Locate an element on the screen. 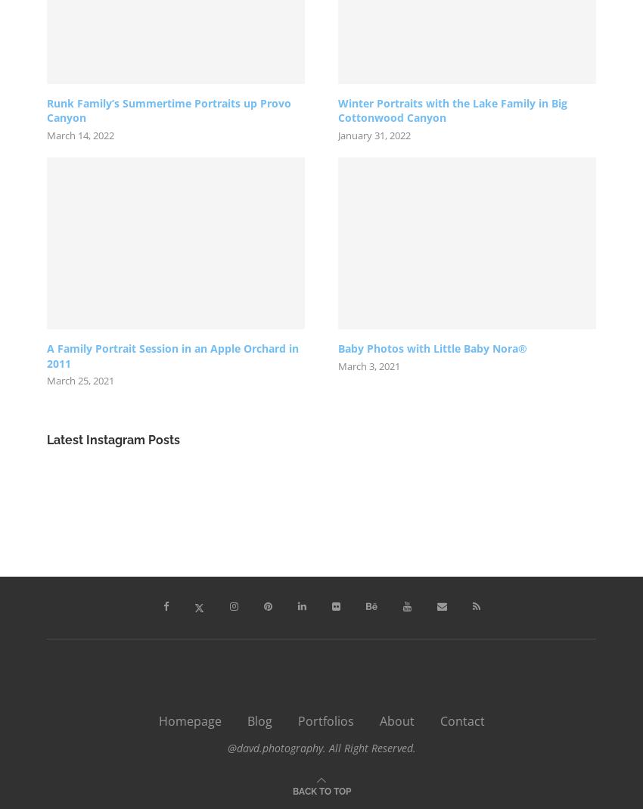 Image resolution: width=643 pixels, height=809 pixels. 'Runk Family’s Summertime Portraits up Provo Canyon' is located at coordinates (169, 110).